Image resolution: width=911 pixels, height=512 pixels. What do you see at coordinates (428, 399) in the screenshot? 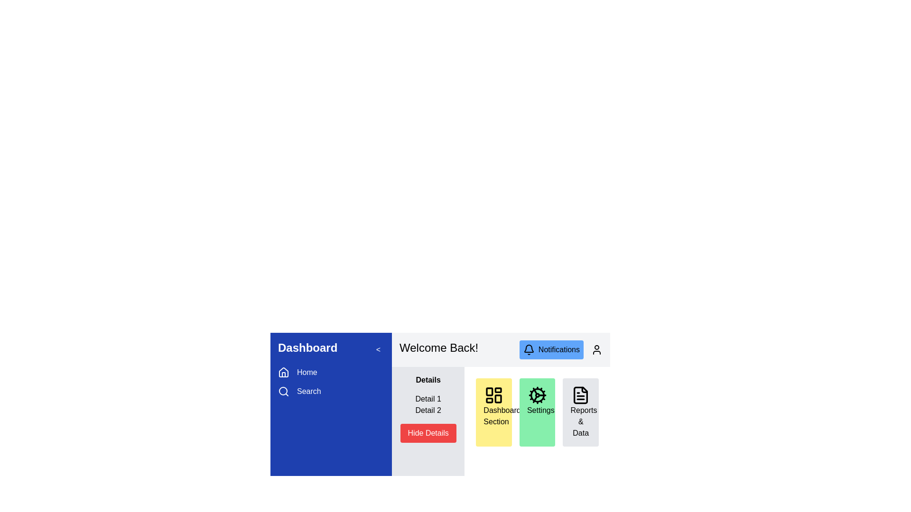
I see `the first Text label in the 'Details' section below the 'Welcome Back!' headline` at bounding box center [428, 399].